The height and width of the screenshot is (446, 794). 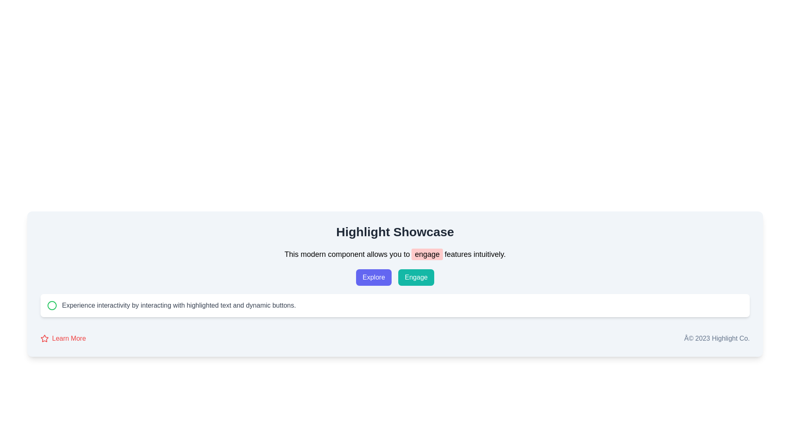 I want to click on the styled text component that reads 'engage', which visually mimics a button but is not interactive, located in the middle of the display area, so click(x=427, y=254).